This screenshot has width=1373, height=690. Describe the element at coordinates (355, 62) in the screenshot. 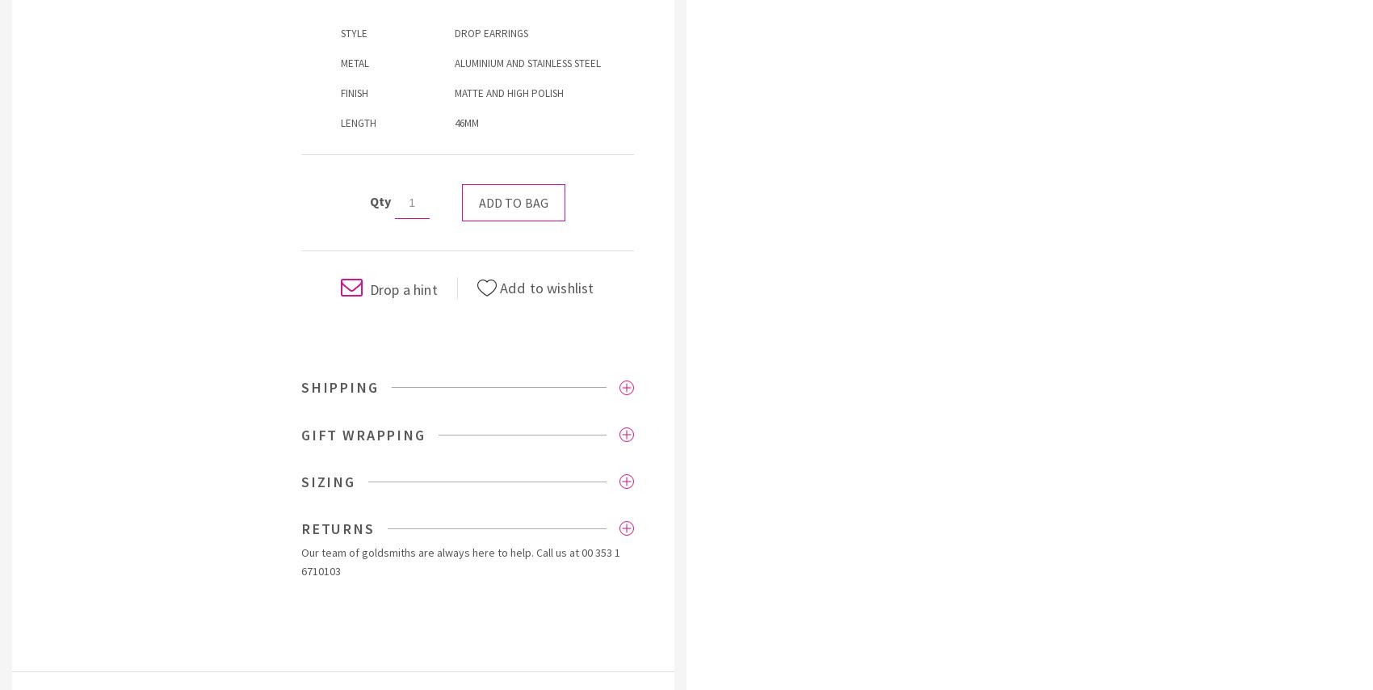

I see `'METAL'` at that location.